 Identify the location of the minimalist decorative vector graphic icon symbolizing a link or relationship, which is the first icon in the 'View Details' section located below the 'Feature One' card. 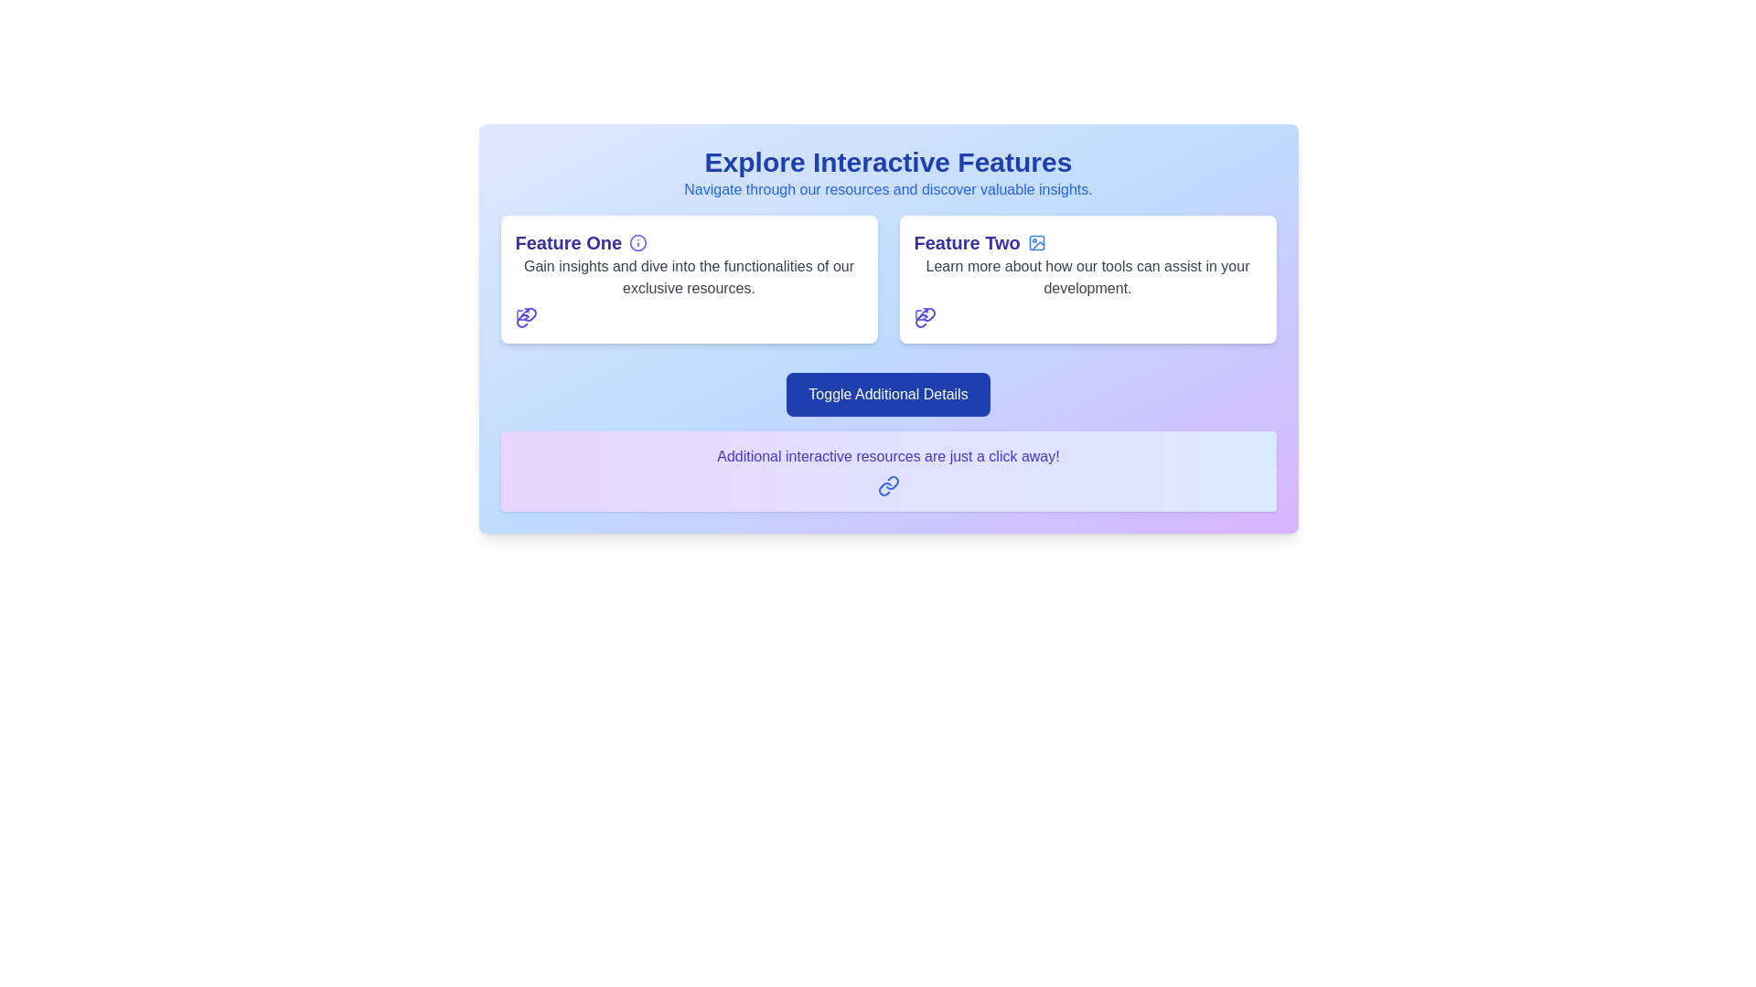
(529, 313).